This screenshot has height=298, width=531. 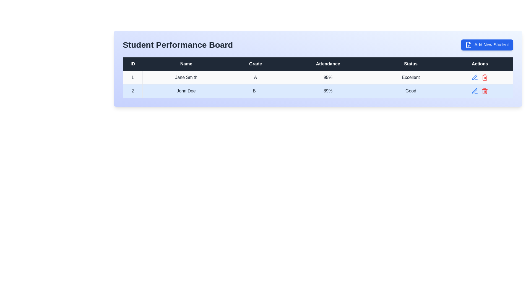 I want to click on the trash can button in the Actions column of the table row for 'Jane Smith', so click(x=480, y=78).